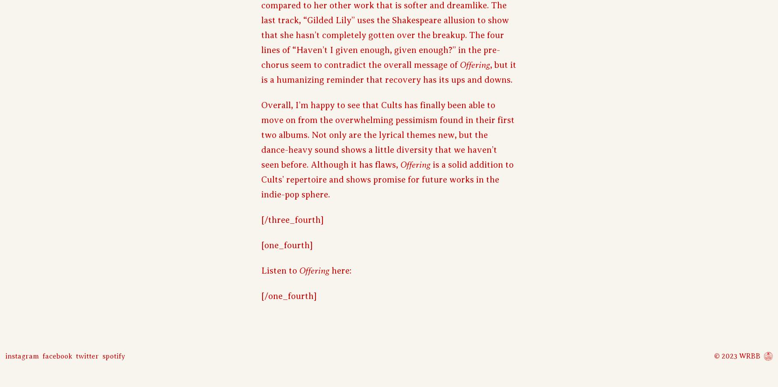 The width and height of the screenshot is (778, 387). What do you see at coordinates (75, 356) in the screenshot?
I see `'twitter'` at bounding box center [75, 356].